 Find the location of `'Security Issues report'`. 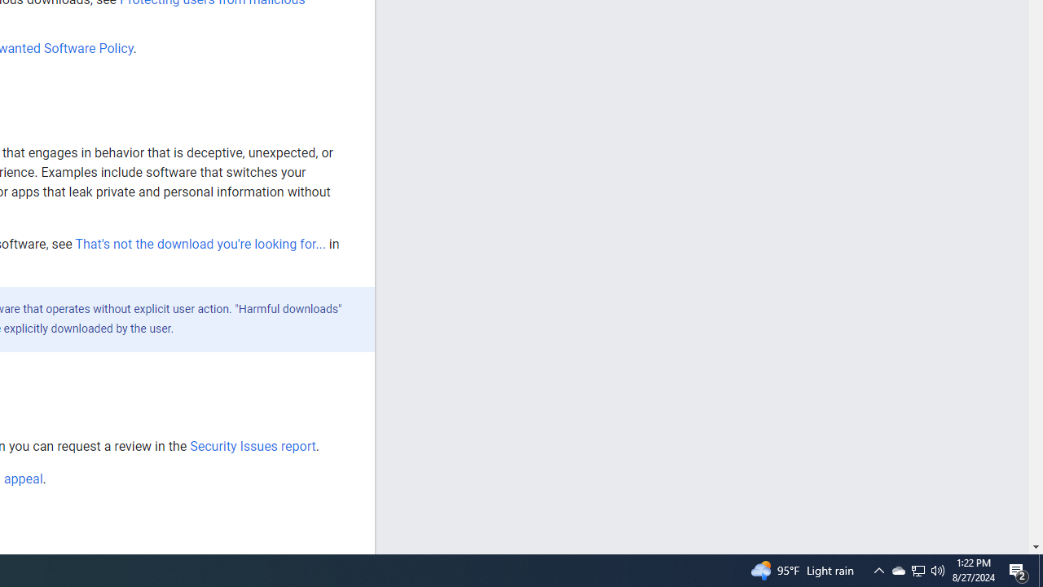

'Security Issues report' is located at coordinates (252, 446).